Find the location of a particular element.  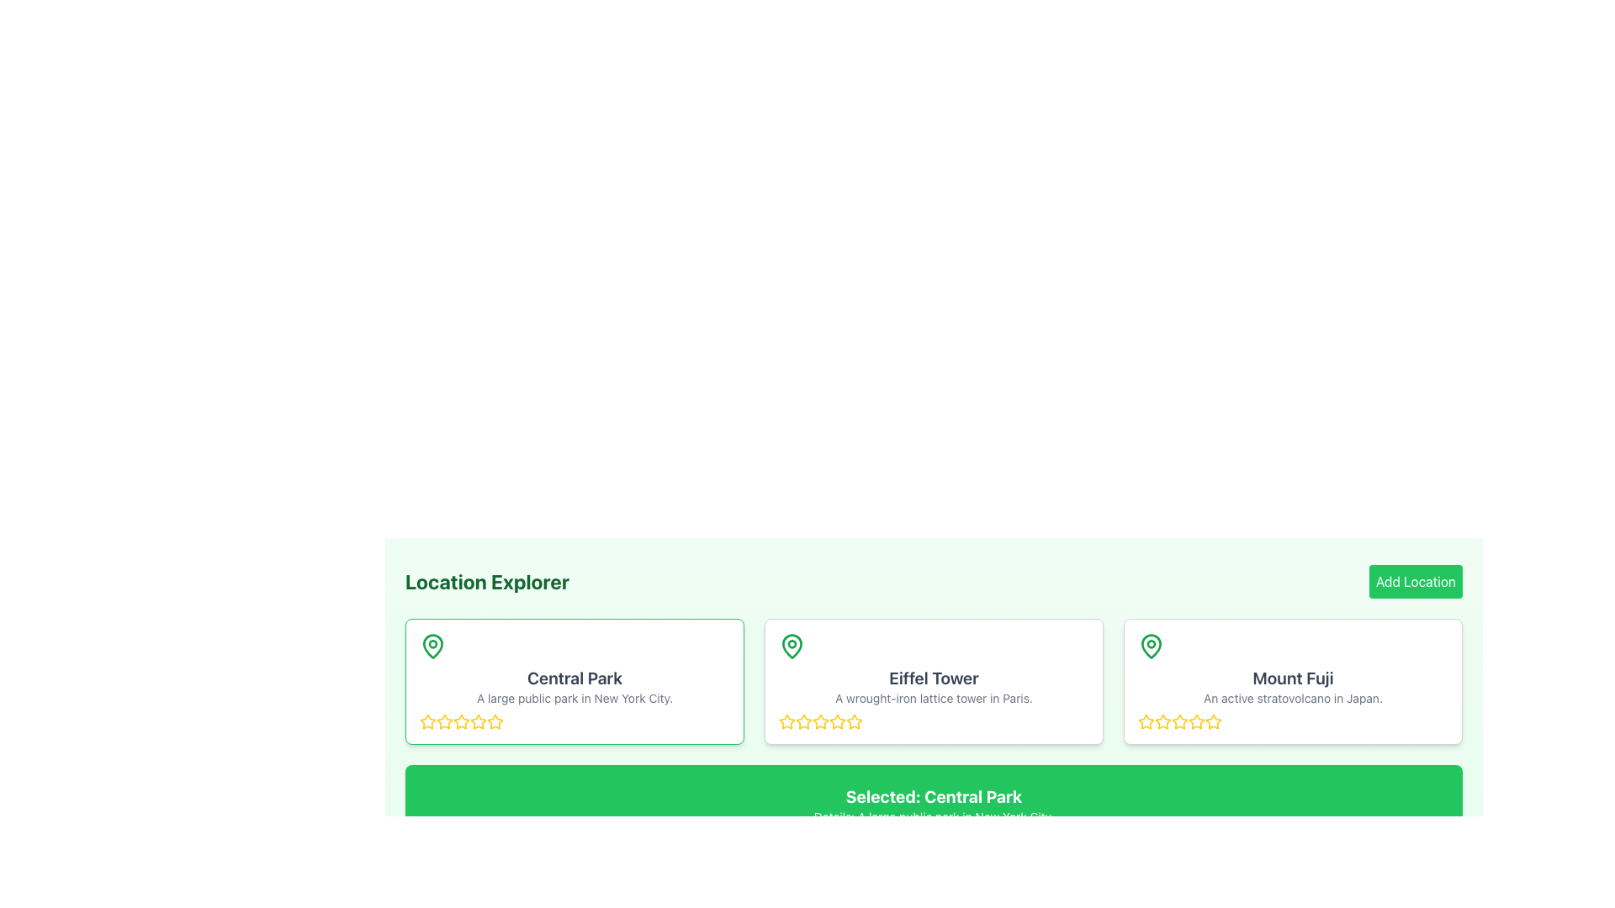

the 'Add Location' button located at the top-right corner of the 'Location Explorer' header section is located at coordinates (1415, 580).